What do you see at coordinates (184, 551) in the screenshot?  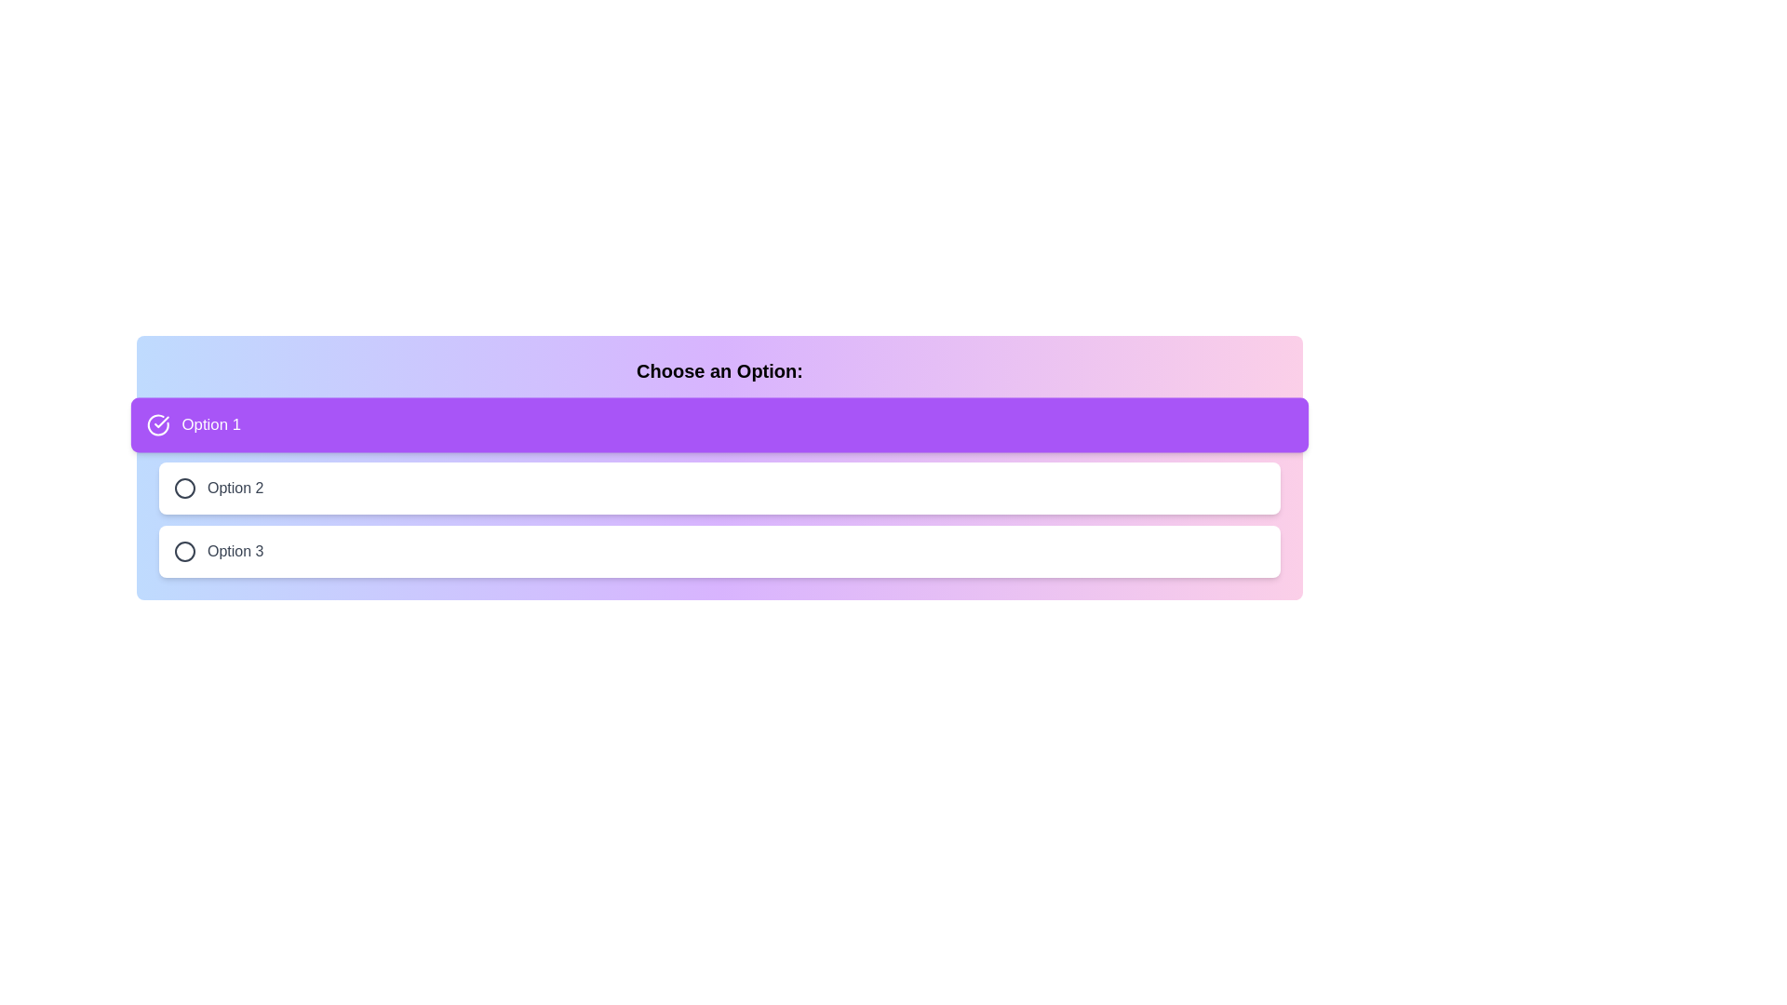 I see `the radio button indicator for 'Option 3'` at bounding box center [184, 551].